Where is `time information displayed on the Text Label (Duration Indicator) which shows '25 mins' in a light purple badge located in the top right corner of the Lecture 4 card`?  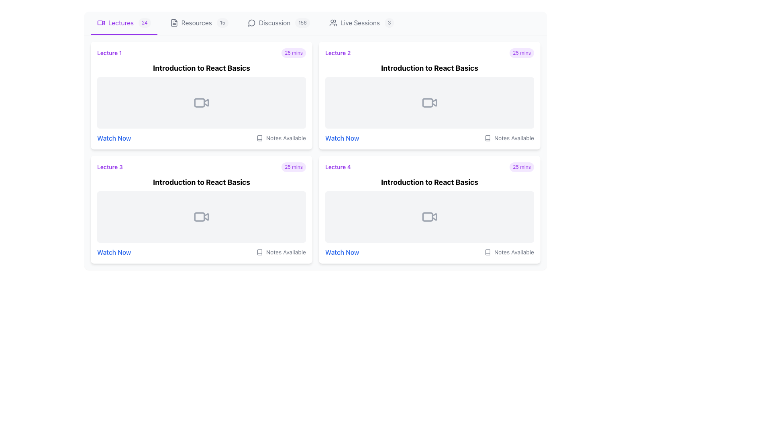 time information displayed on the Text Label (Duration Indicator) which shows '25 mins' in a light purple badge located in the top right corner of the Lecture 4 card is located at coordinates (522, 167).